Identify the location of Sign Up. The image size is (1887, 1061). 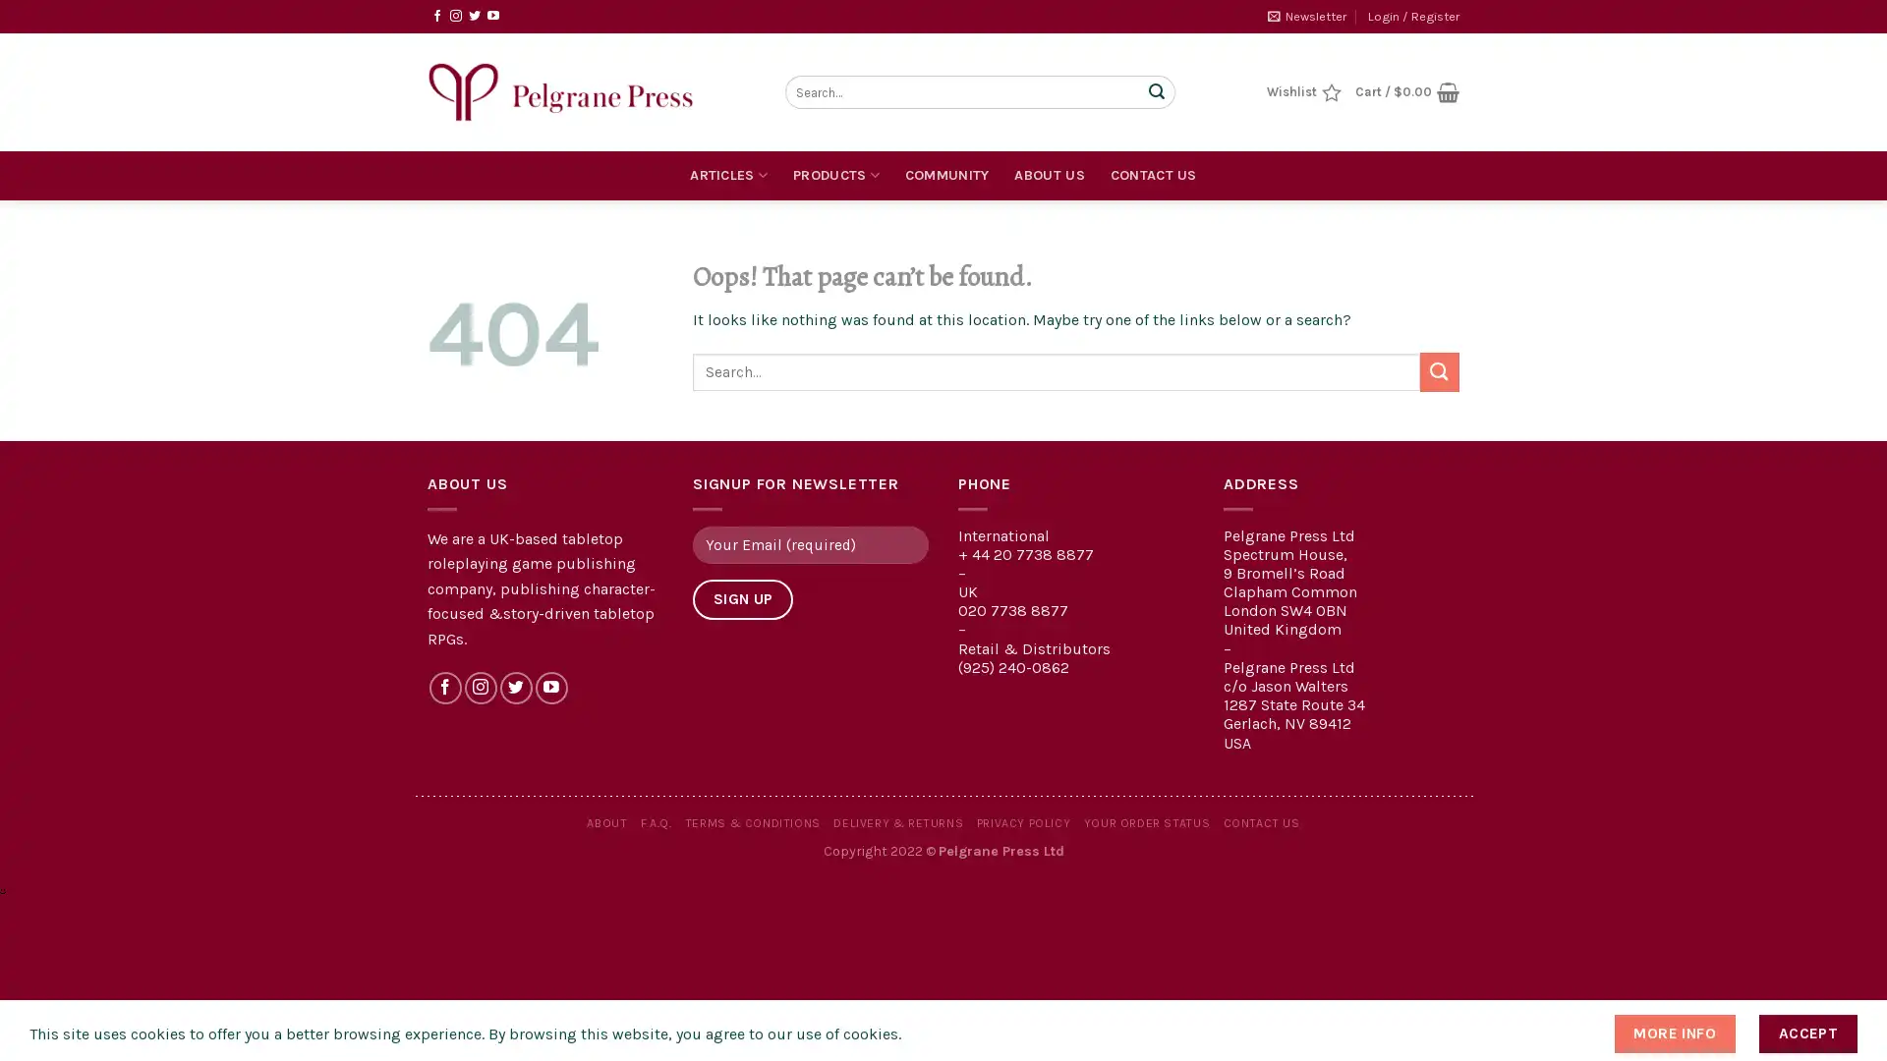
(741, 597).